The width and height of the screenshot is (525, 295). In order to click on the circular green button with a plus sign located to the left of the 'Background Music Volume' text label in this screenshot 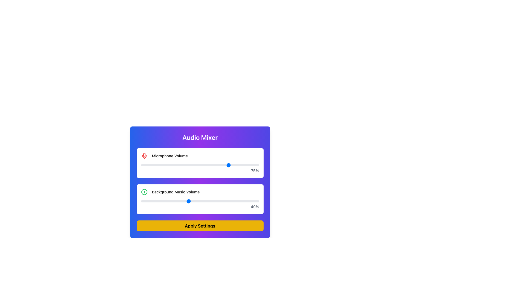, I will do `click(144, 191)`.